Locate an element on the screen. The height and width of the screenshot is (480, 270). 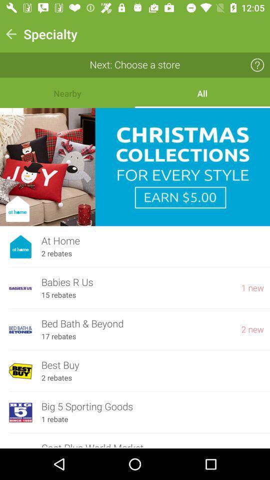
icon below bed bath & beyond item is located at coordinates (58, 336).